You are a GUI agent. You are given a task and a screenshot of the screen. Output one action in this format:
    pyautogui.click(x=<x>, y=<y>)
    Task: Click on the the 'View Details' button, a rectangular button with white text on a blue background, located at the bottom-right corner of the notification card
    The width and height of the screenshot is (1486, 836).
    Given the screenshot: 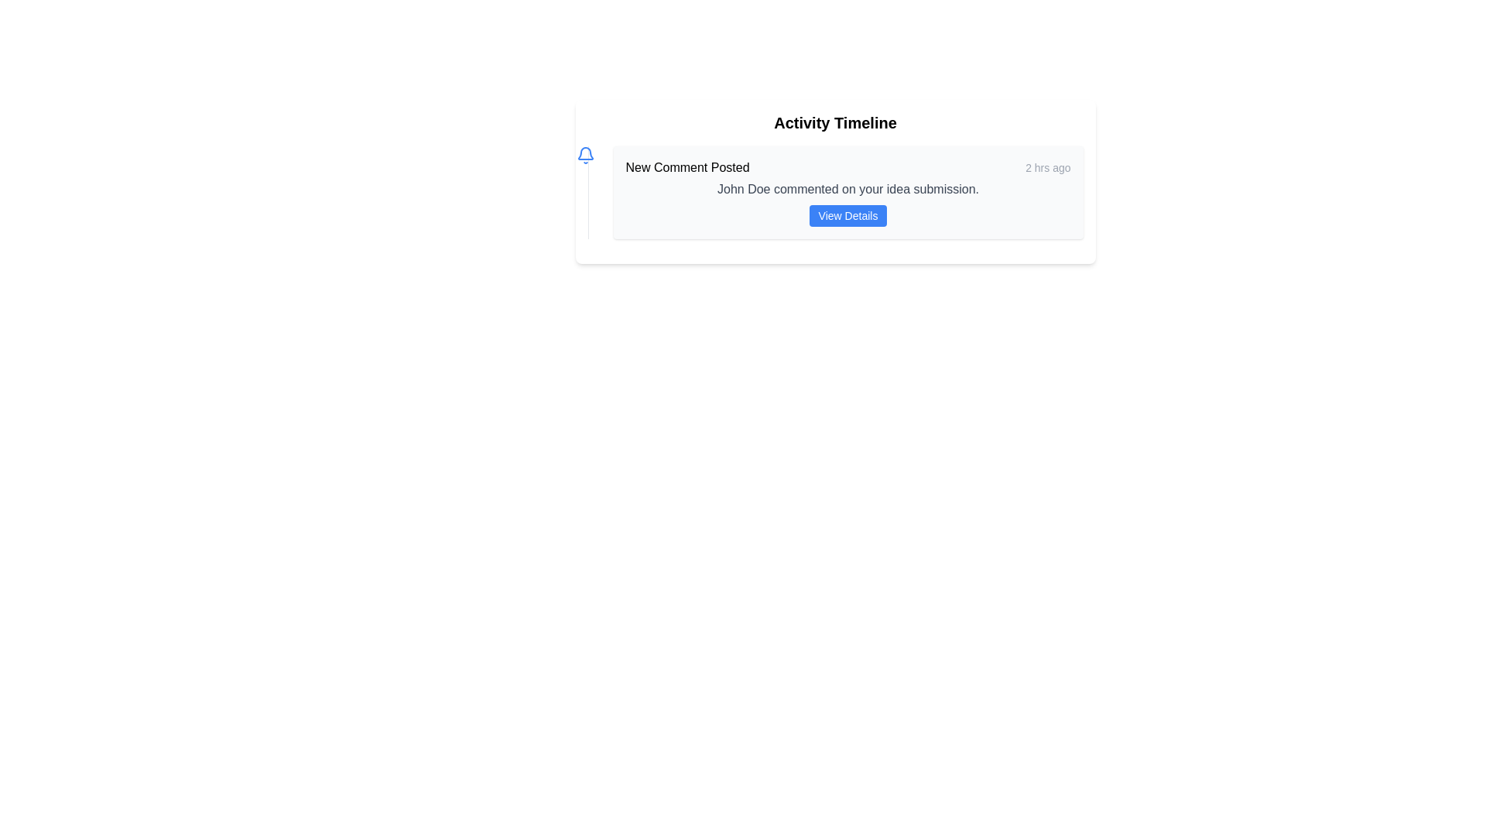 What is the action you would take?
    pyautogui.click(x=847, y=215)
    